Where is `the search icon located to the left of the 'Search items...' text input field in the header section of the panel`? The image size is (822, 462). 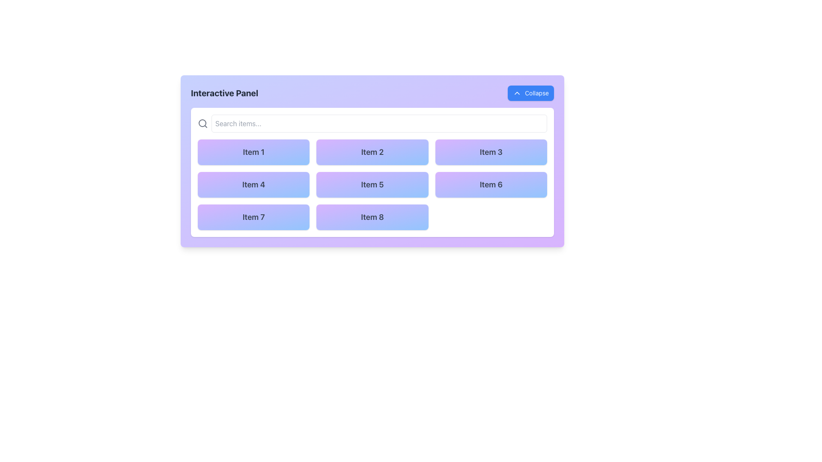
the search icon located to the left of the 'Search items...' text input field in the header section of the panel is located at coordinates (203, 124).